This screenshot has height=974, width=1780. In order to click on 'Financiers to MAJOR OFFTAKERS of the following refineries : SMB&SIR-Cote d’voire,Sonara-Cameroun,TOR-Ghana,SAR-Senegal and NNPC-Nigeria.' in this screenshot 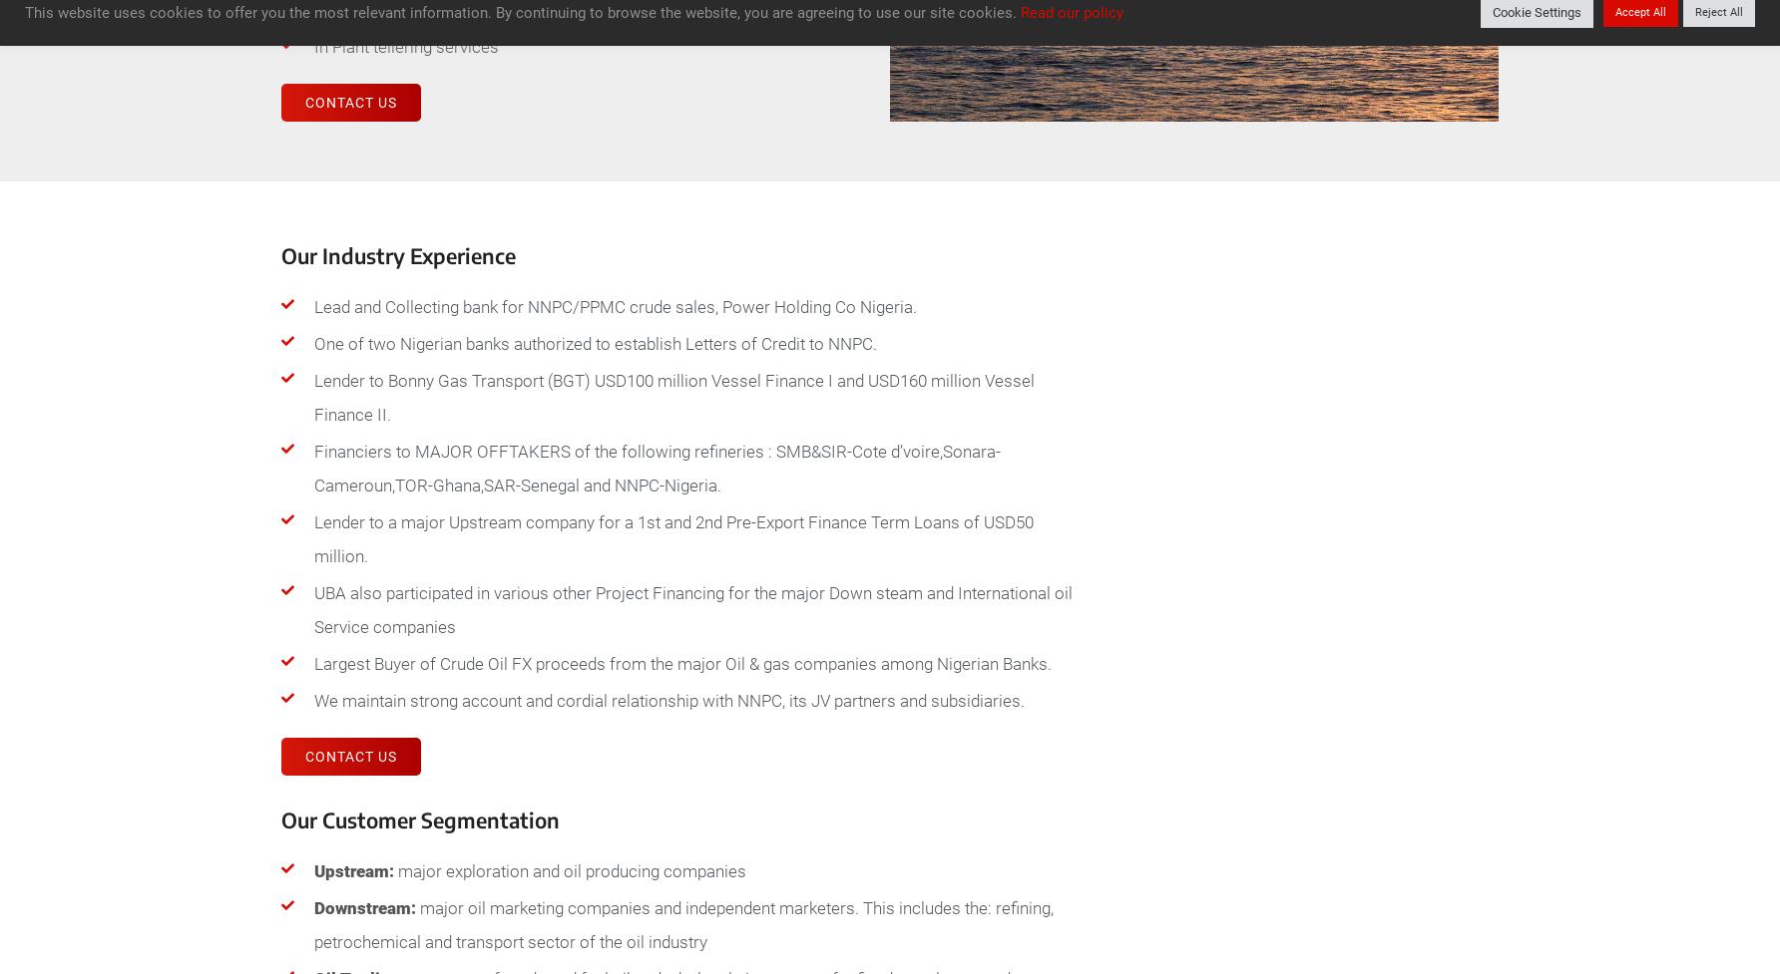, I will do `click(657, 469)`.